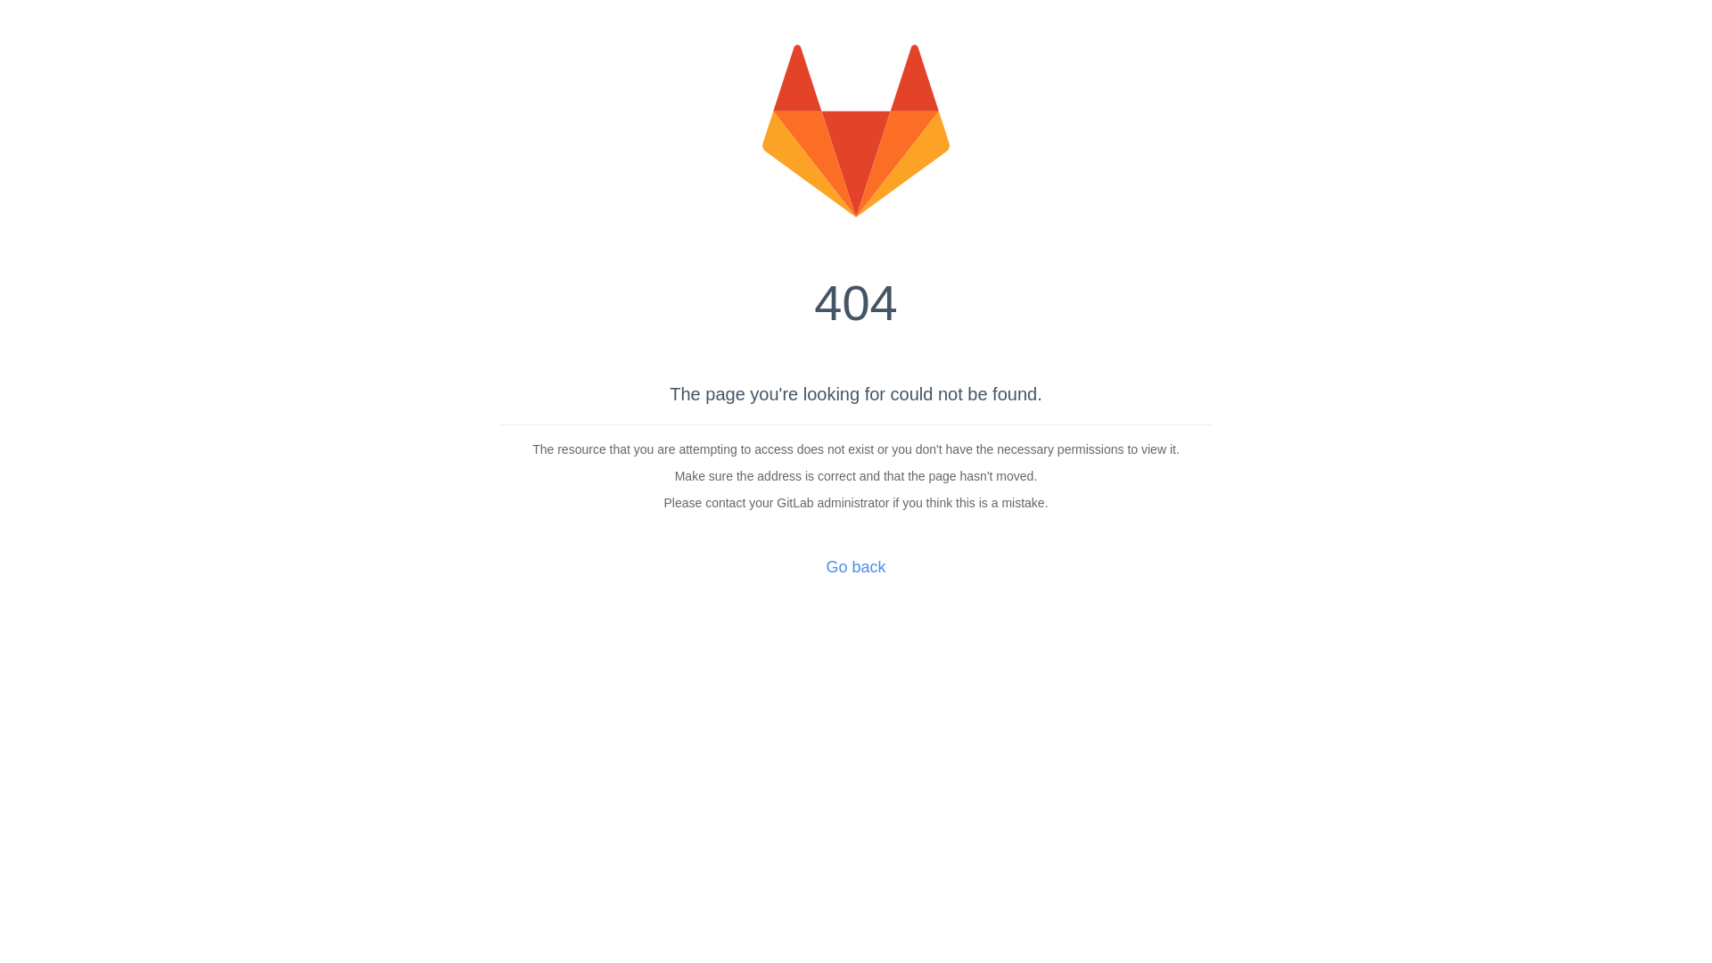  Describe the element at coordinates (825, 567) in the screenshot. I see `'Go back'` at that location.